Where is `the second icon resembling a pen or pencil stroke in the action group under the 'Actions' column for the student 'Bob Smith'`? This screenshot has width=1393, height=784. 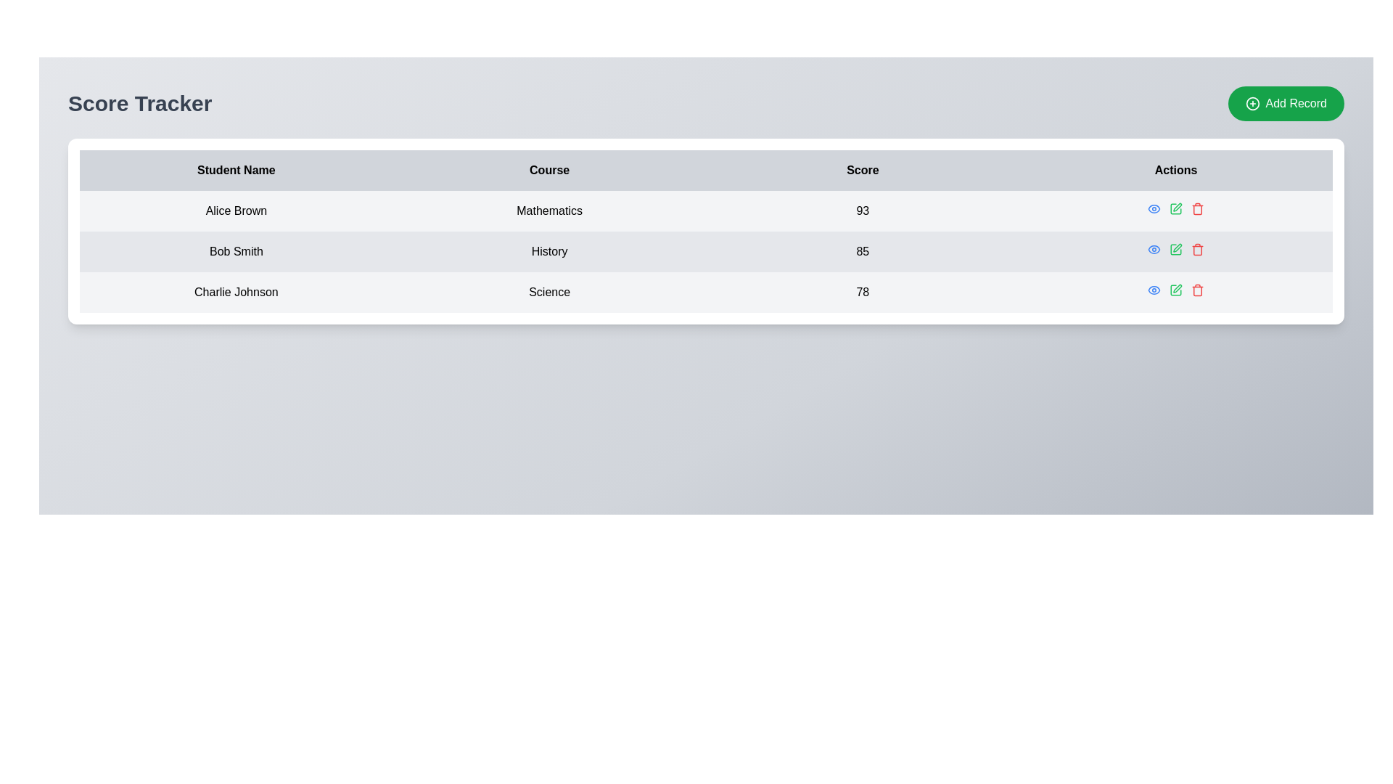 the second icon resembling a pen or pencil stroke in the action group under the 'Actions' column for the student 'Bob Smith' is located at coordinates (1177, 246).